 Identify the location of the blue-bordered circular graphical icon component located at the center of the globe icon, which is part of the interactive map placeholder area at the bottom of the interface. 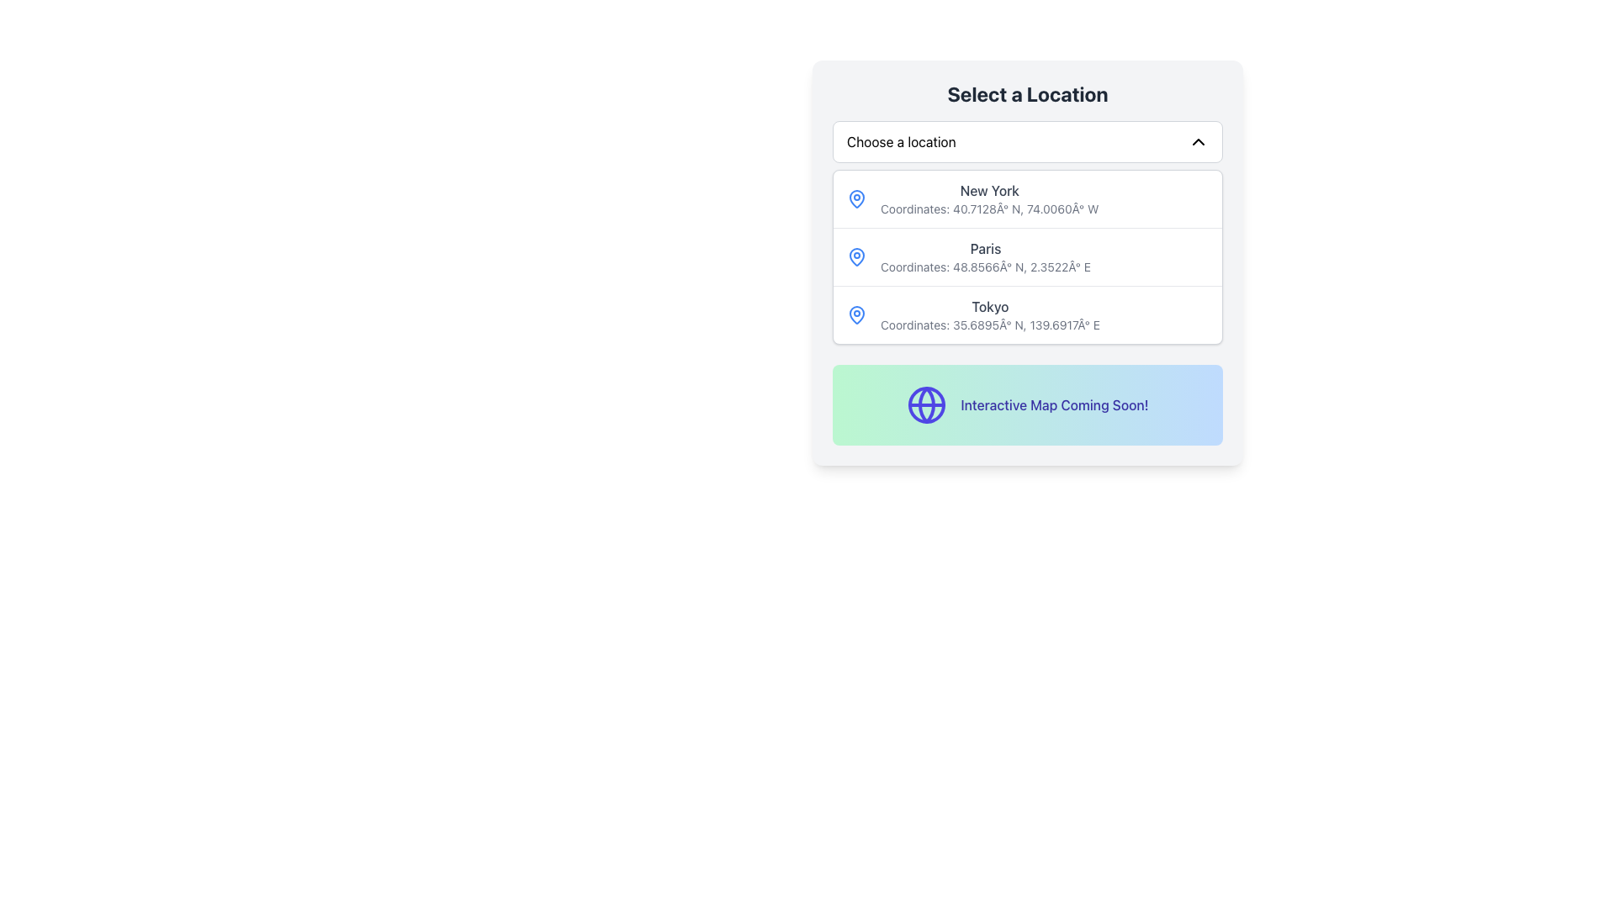
(926, 405).